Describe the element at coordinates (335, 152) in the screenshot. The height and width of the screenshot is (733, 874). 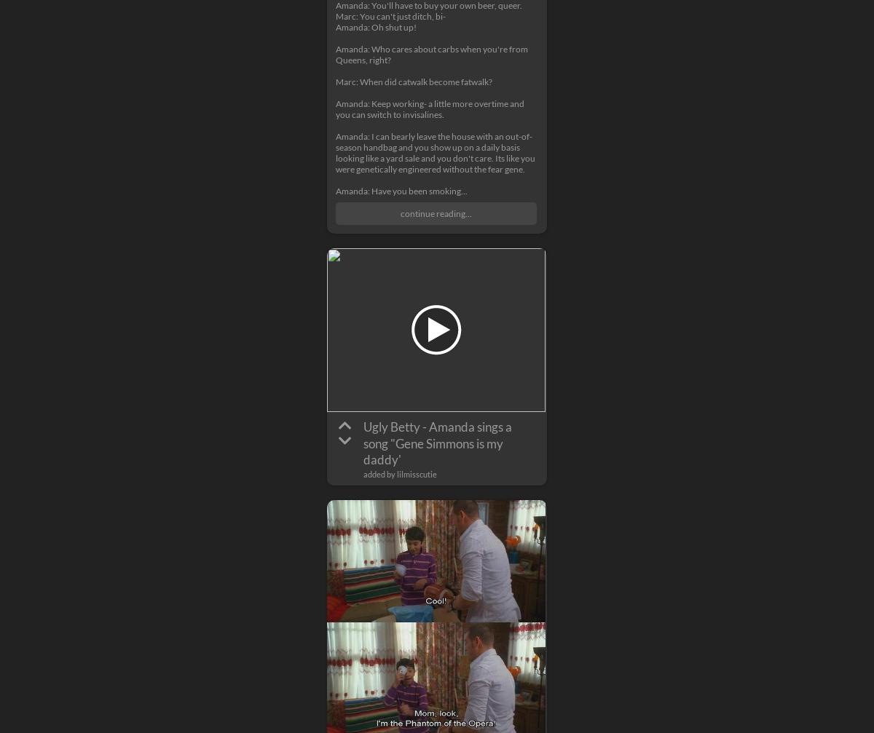
I see `'Amanda: I can bearly leave the house with an out-of-season handbag and you show up on a daily basis looking like a yard sale and you don't care. Its like you were genetically engineered without the fear gene.'` at that location.